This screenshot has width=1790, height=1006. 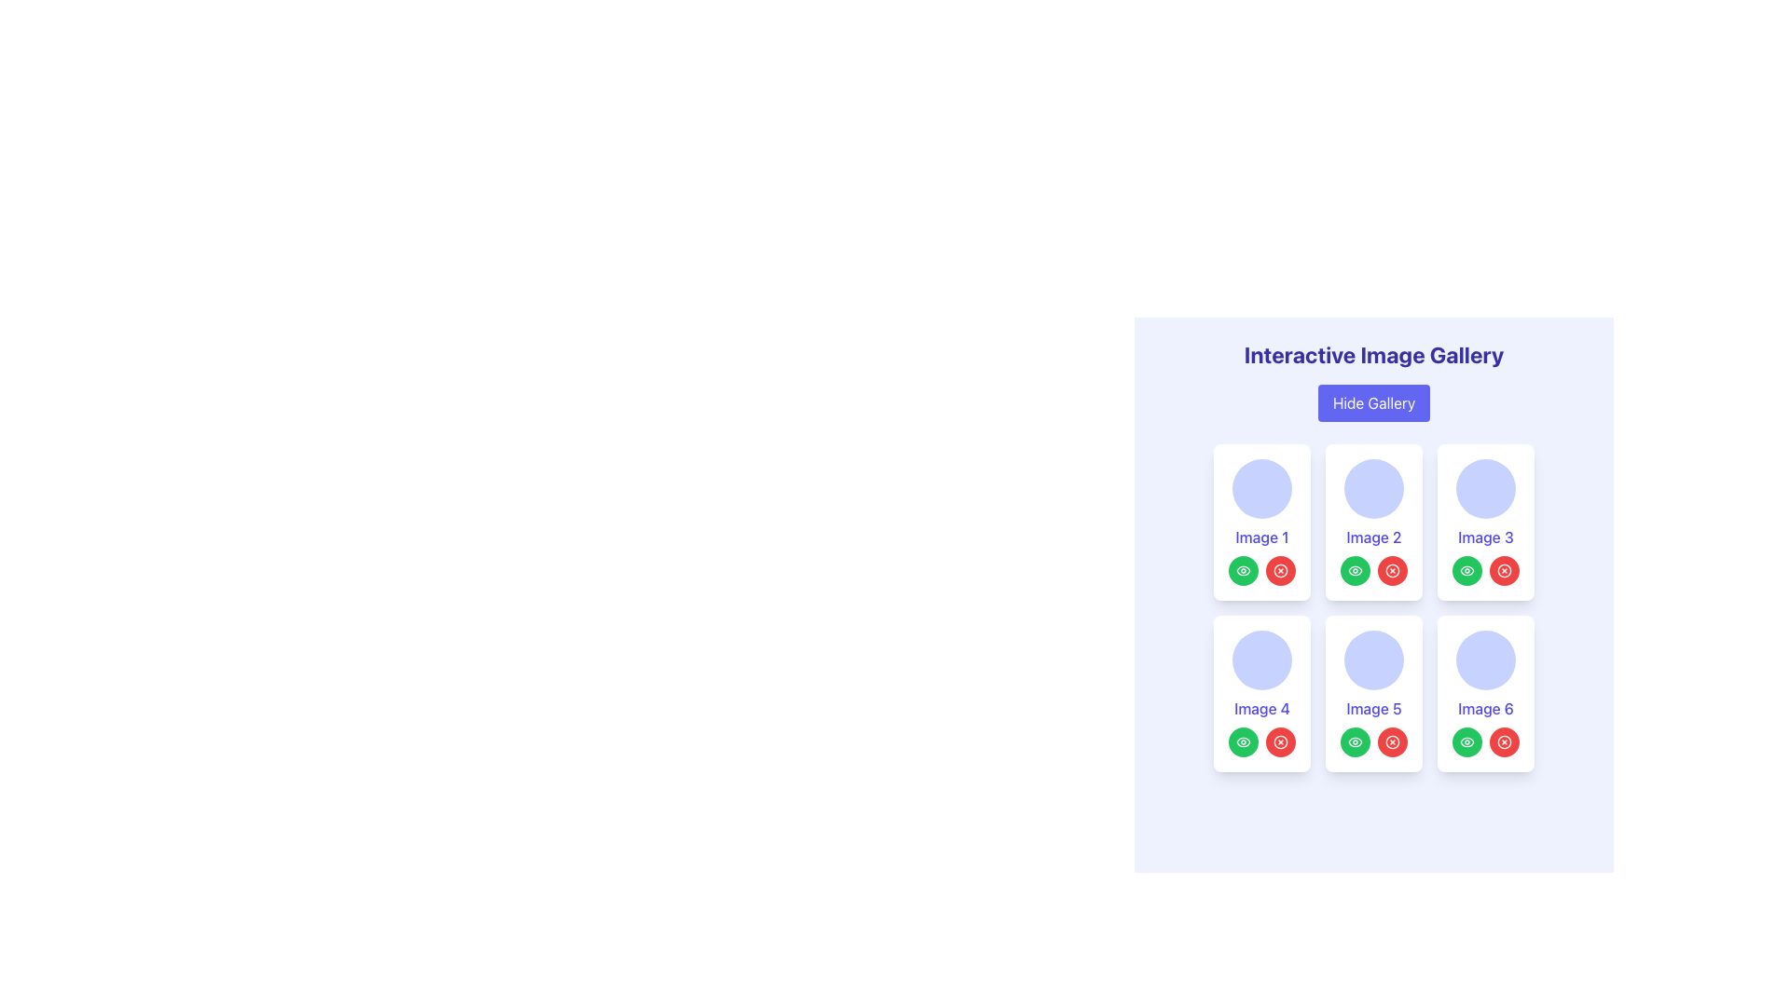 I want to click on the red circular button with a white cross icon located at the bottom right of the card labeled 'Image 5' to initiate a delete action, so click(x=1392, y=741).